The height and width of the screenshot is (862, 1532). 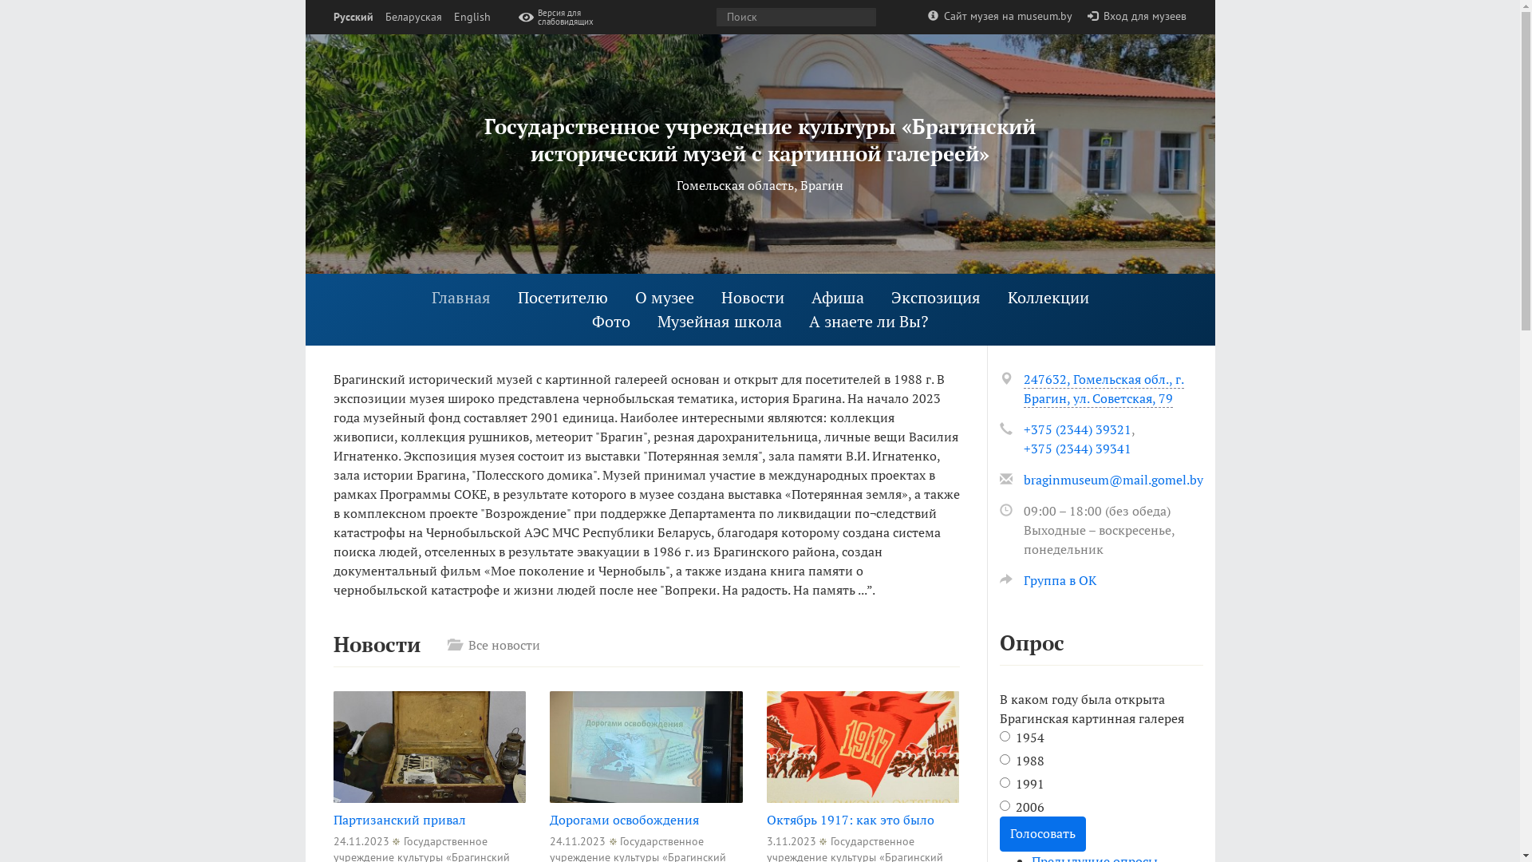 What do you see at coordinates (1076, 428) in the screenshot?
I see `'+375 (2344) 39321'` at bounding box center [1076, 428].